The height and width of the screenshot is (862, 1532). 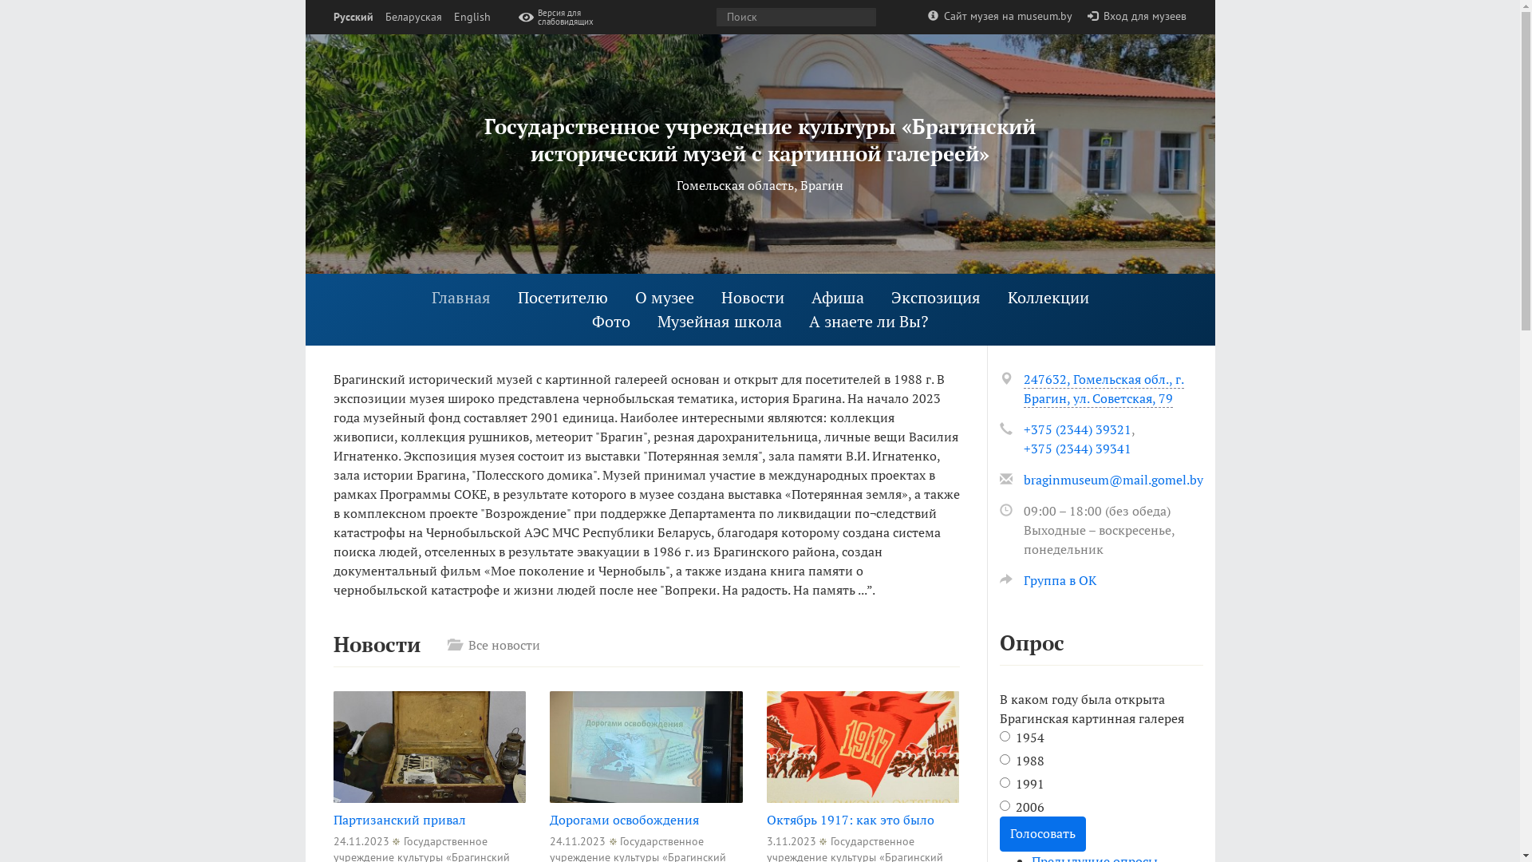 What do you see at coordinates (1076, 428) in the screenshot?
I see `'+375 (2344) 39321'` at bounding box center [1076, 428].